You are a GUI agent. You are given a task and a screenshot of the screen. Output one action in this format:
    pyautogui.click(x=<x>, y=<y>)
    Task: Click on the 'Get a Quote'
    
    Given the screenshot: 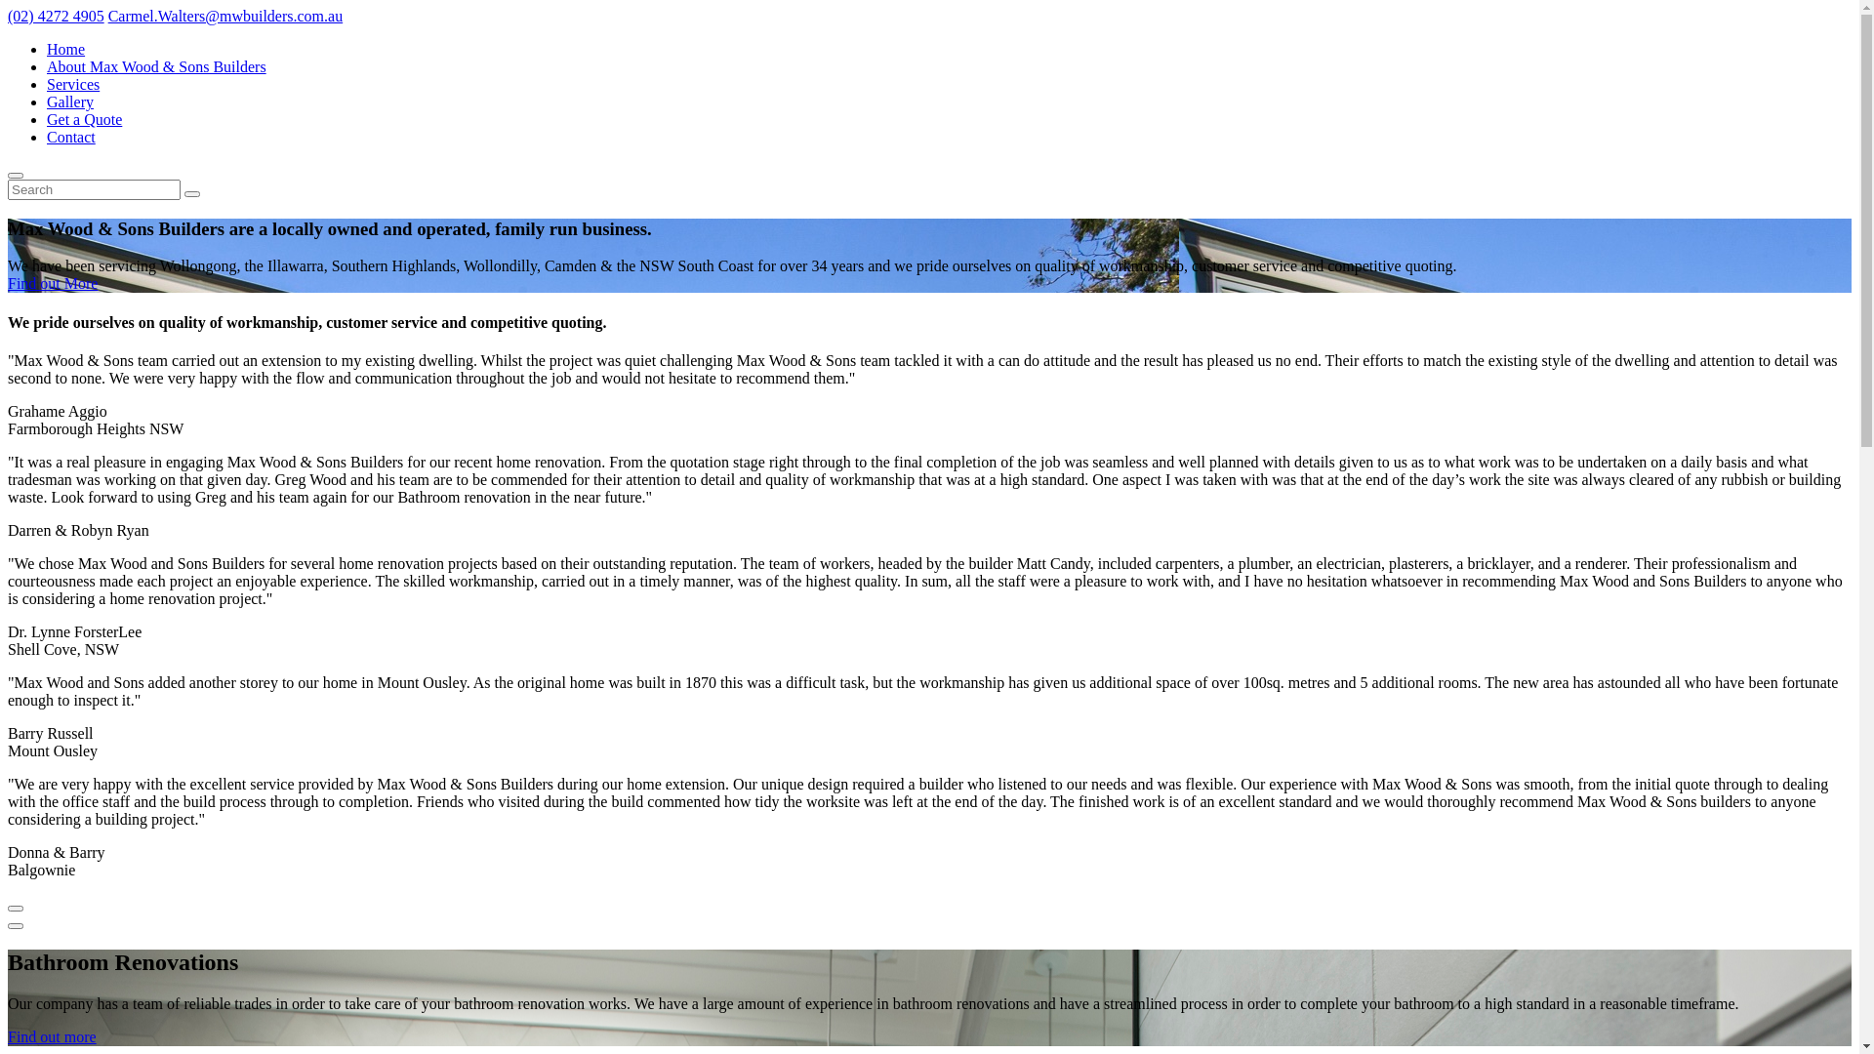 What is the action you would take?
    pyautogui.click(x=47, y=119)
    